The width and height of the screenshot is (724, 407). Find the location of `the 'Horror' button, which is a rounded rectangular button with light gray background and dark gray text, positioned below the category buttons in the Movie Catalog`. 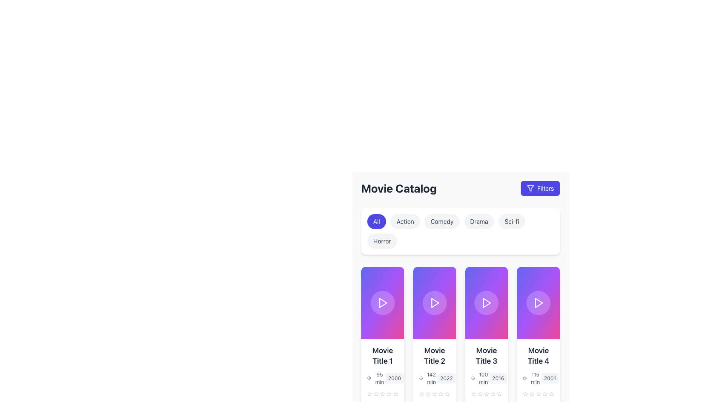

the 'Horror' button, which is a rounded rectangular button with light gray background and dark gray text, positioned below the category buttons in the Movie Catalog is located at coordinates (382, 241).